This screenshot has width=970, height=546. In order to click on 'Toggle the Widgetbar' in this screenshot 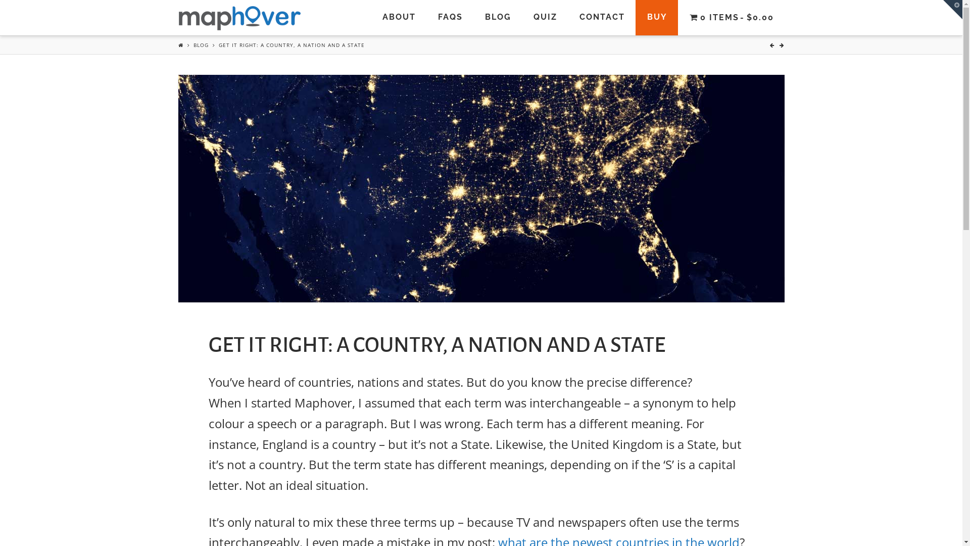, I will do `click(952, 10)`.